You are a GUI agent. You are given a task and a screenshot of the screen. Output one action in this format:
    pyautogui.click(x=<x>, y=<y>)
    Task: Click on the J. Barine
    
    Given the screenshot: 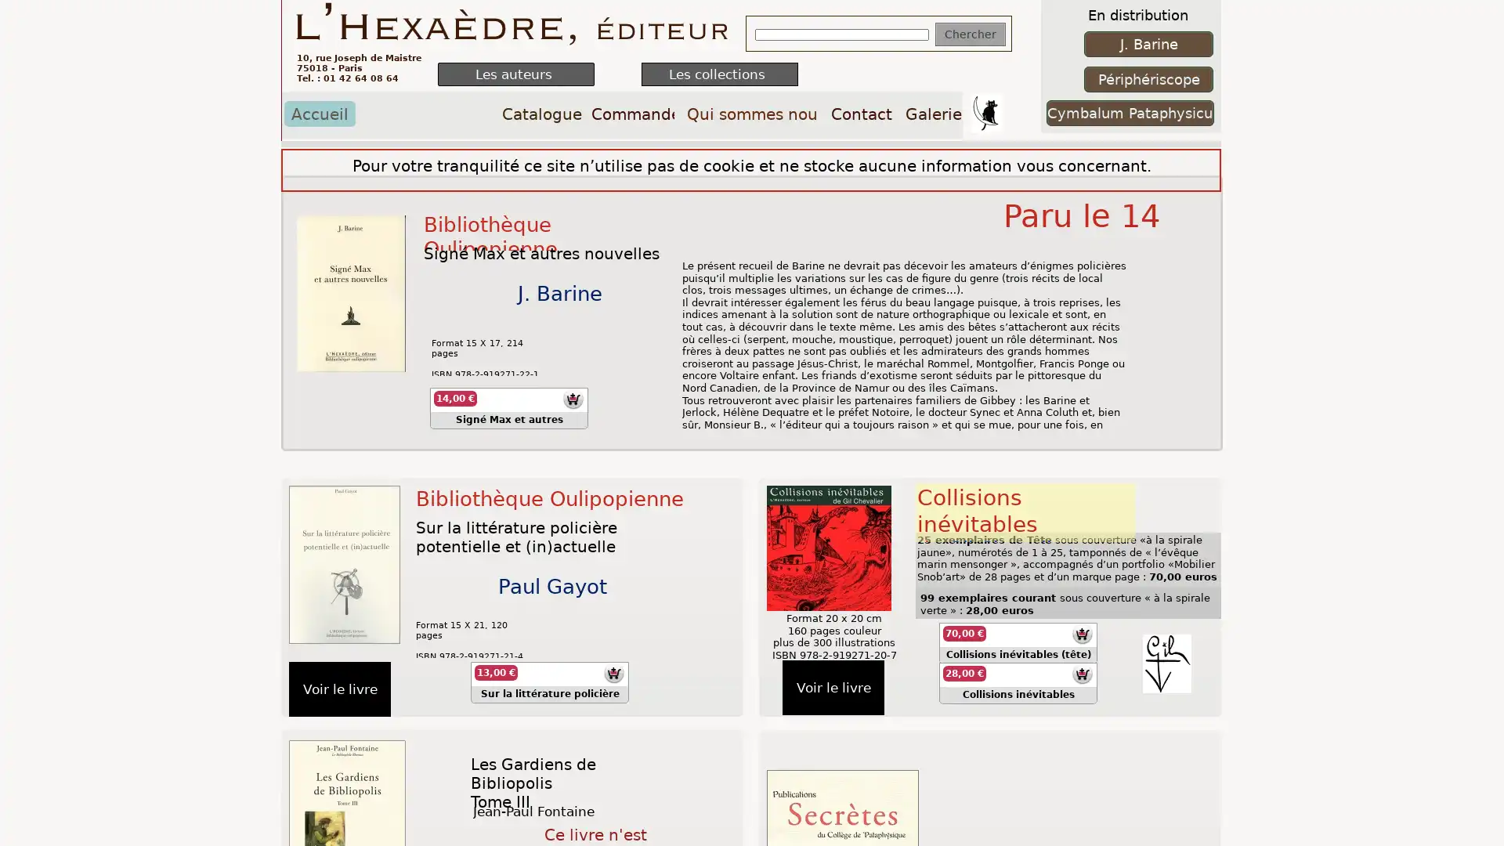 What is the action you would take?
    pyautogui.click(x=1148, y=43)
    